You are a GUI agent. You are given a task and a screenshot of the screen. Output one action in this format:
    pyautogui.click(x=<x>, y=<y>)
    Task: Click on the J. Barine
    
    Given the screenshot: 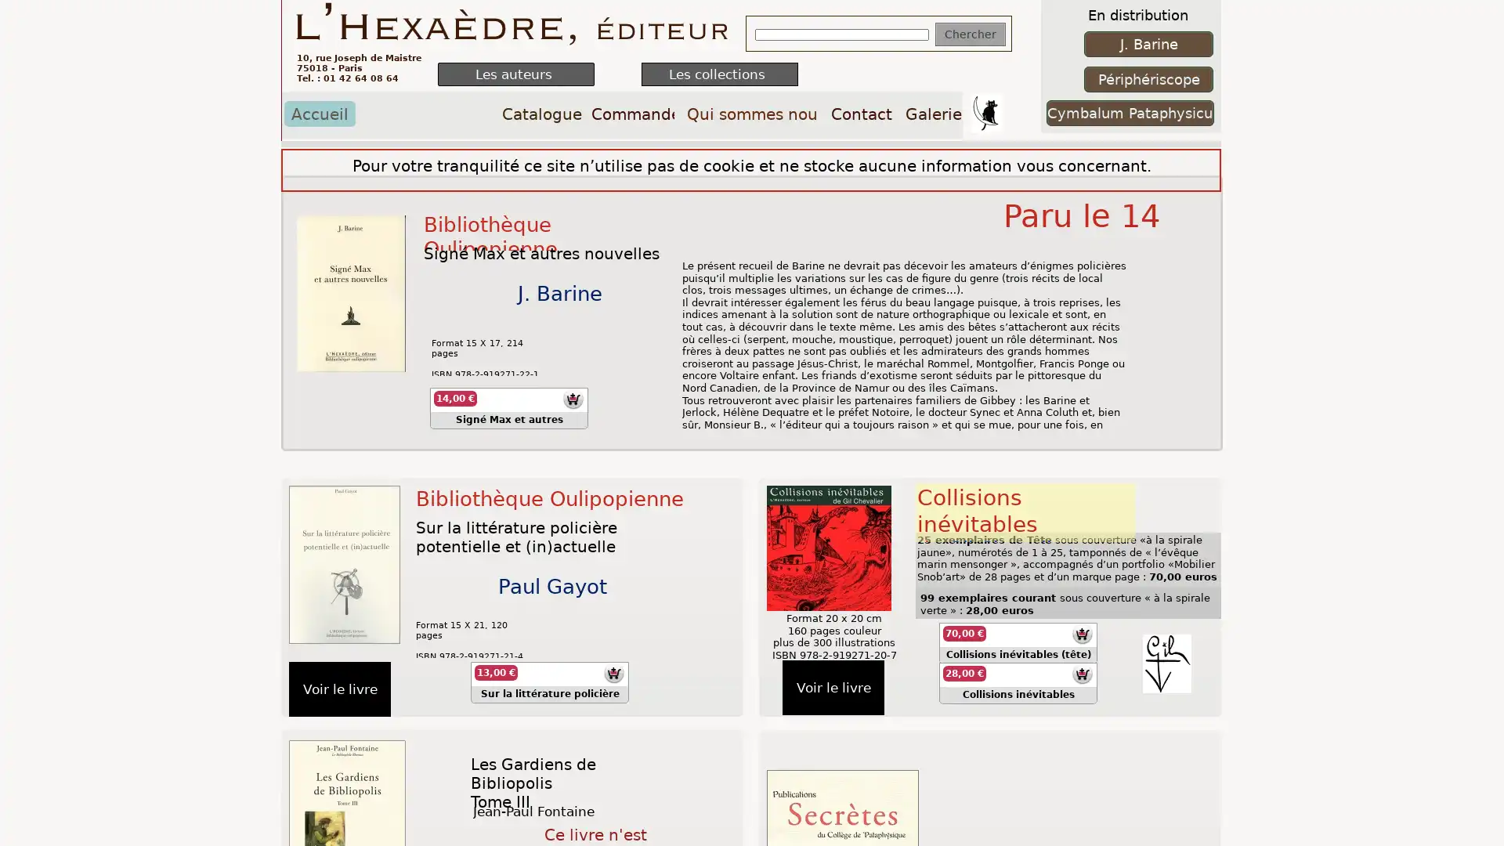 What is the action you would take?
    pyautogui.click(x=1148, y=43)
    